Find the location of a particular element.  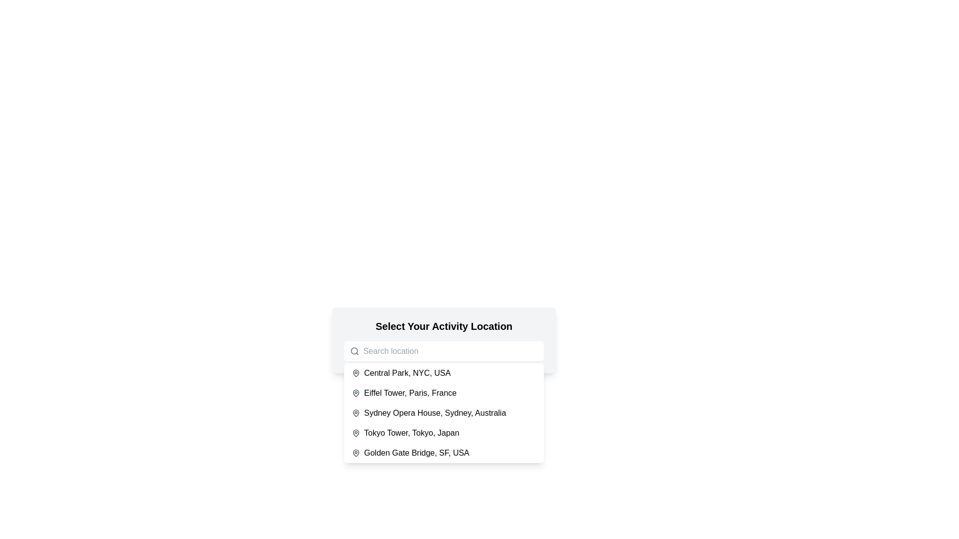

the fifth item in the dropdown menu representing 'Golden Gate Bridge, SF, USA' is located at coordinates (443, 453).